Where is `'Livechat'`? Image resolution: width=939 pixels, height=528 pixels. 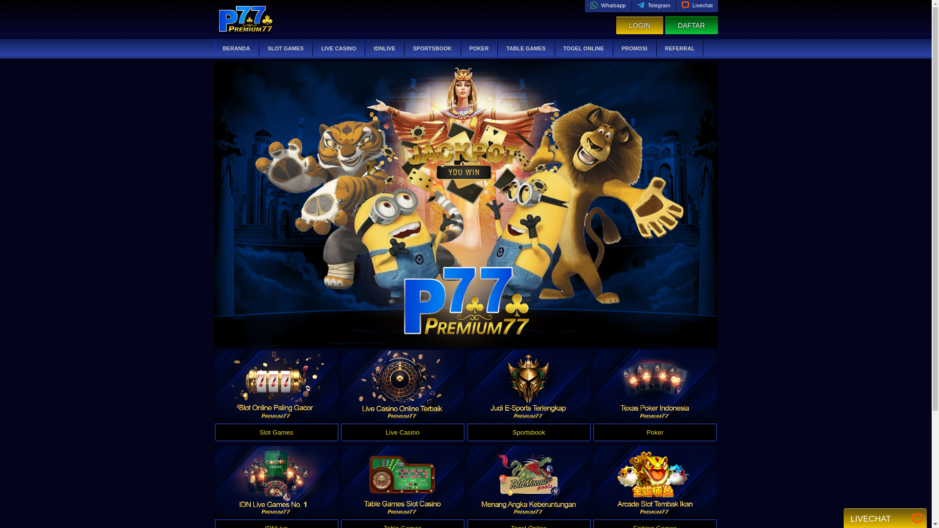
'Livechat' is located at coordinates (696, 5).